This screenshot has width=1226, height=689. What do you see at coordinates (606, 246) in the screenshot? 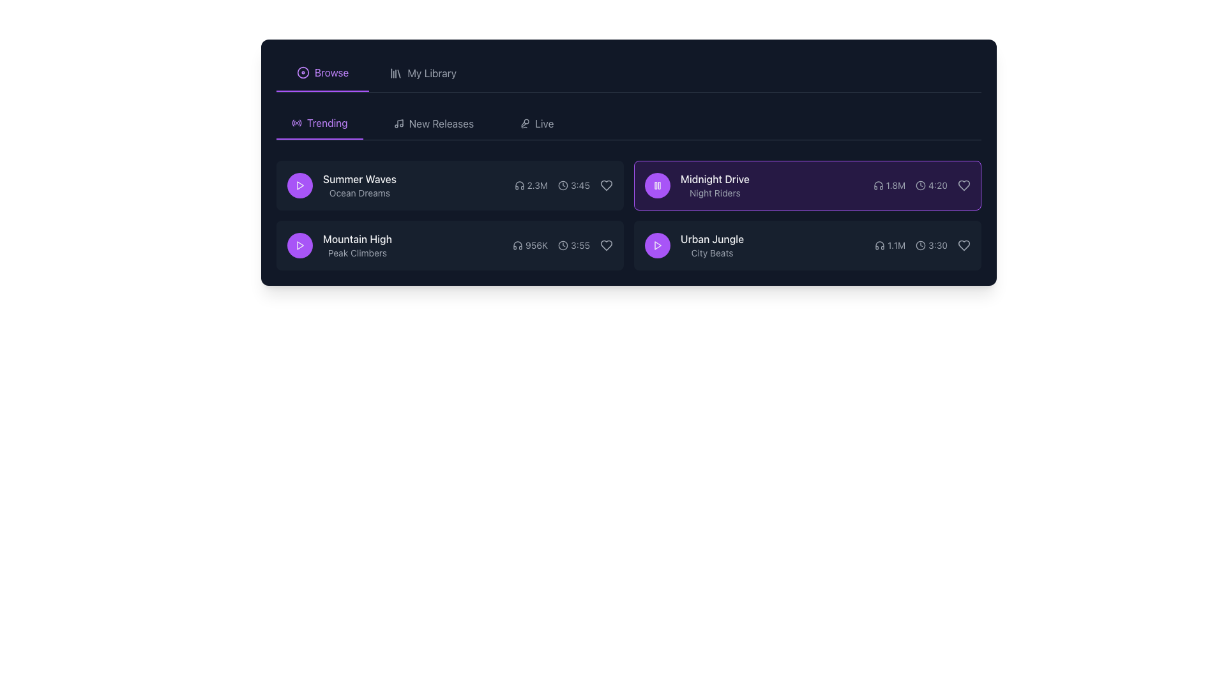
I see `the heart icon button associated with the item 'Mountain High' by 'Peak Climbers'` at bounding box center [606, 246].